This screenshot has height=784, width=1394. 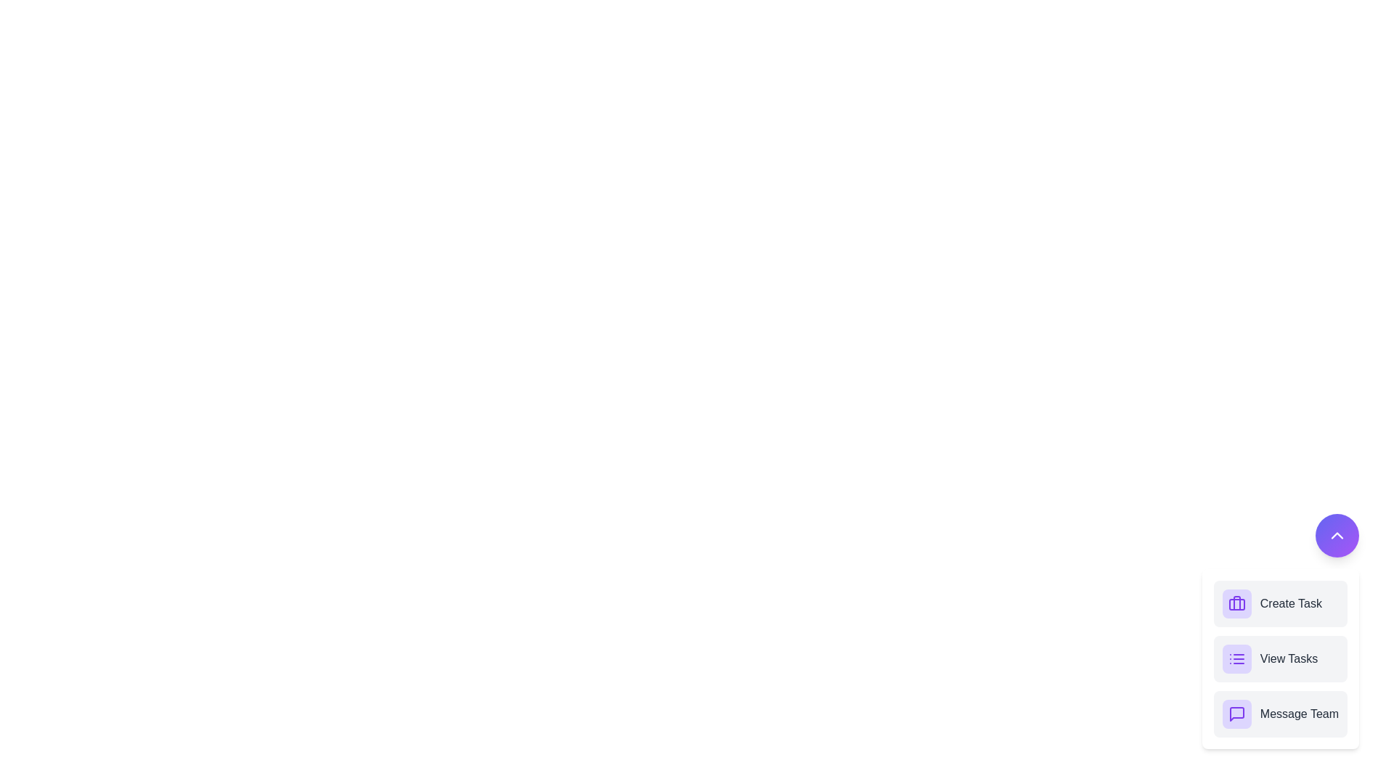 What do you see at coordinates (1280, 658) in the screenshot?
I see `the 'View Tasks' button` at bounding box center [1280, 658].